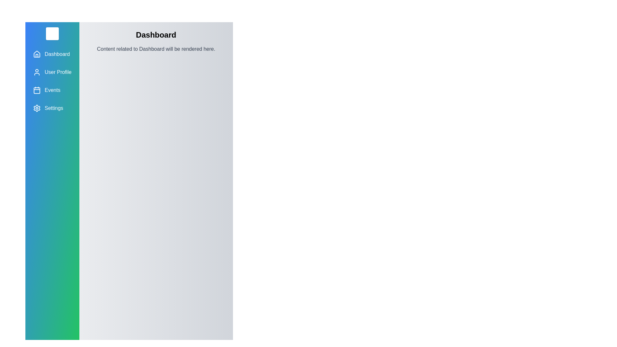  Describe the element at coordinates (52, 108) in the screenshot. I see `the Settings tab from the sidebar` at that location.